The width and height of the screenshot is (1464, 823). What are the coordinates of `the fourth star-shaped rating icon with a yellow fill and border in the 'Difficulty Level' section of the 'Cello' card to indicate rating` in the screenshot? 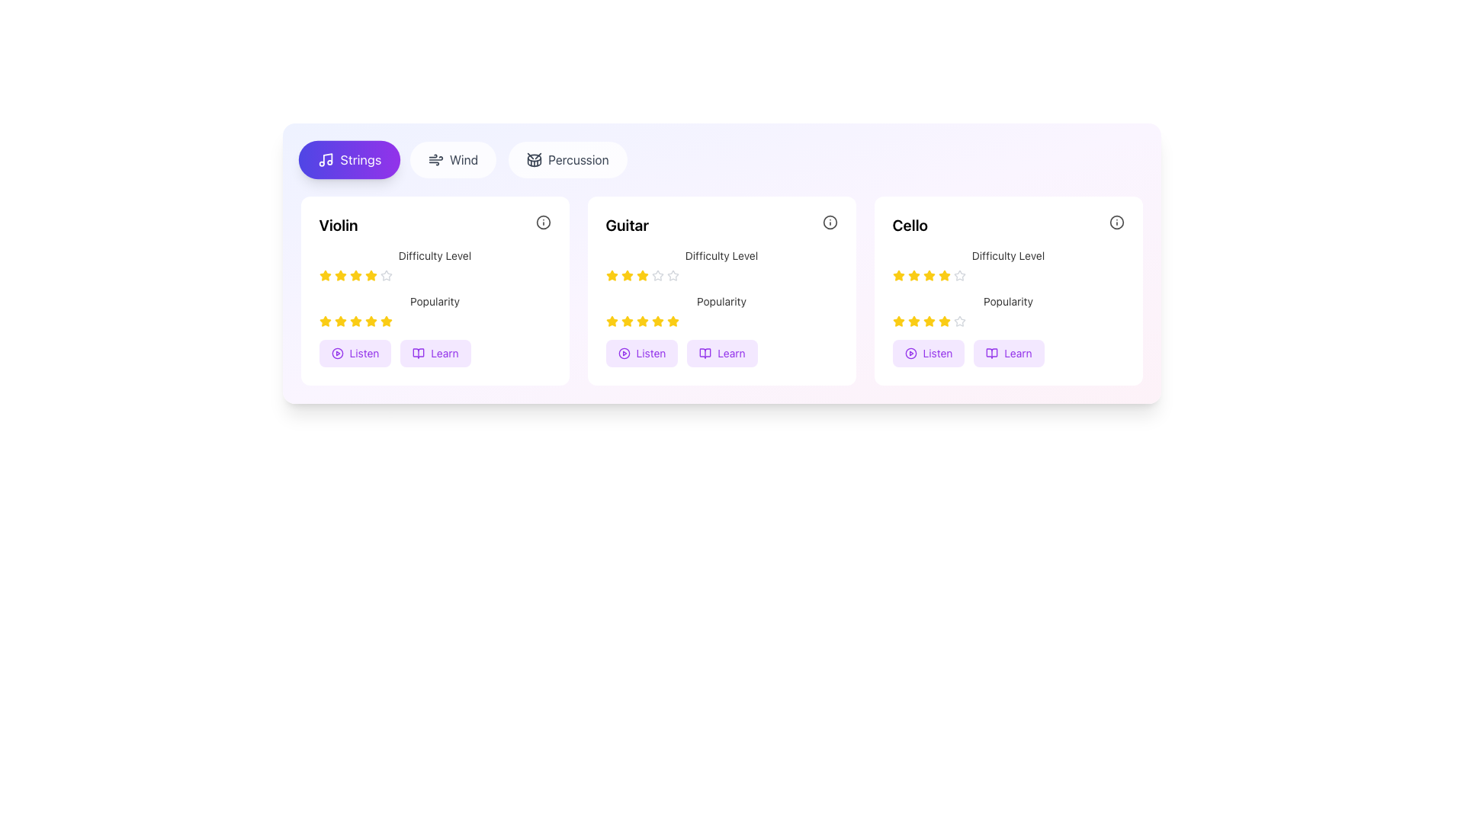 It's located at (928, 276).